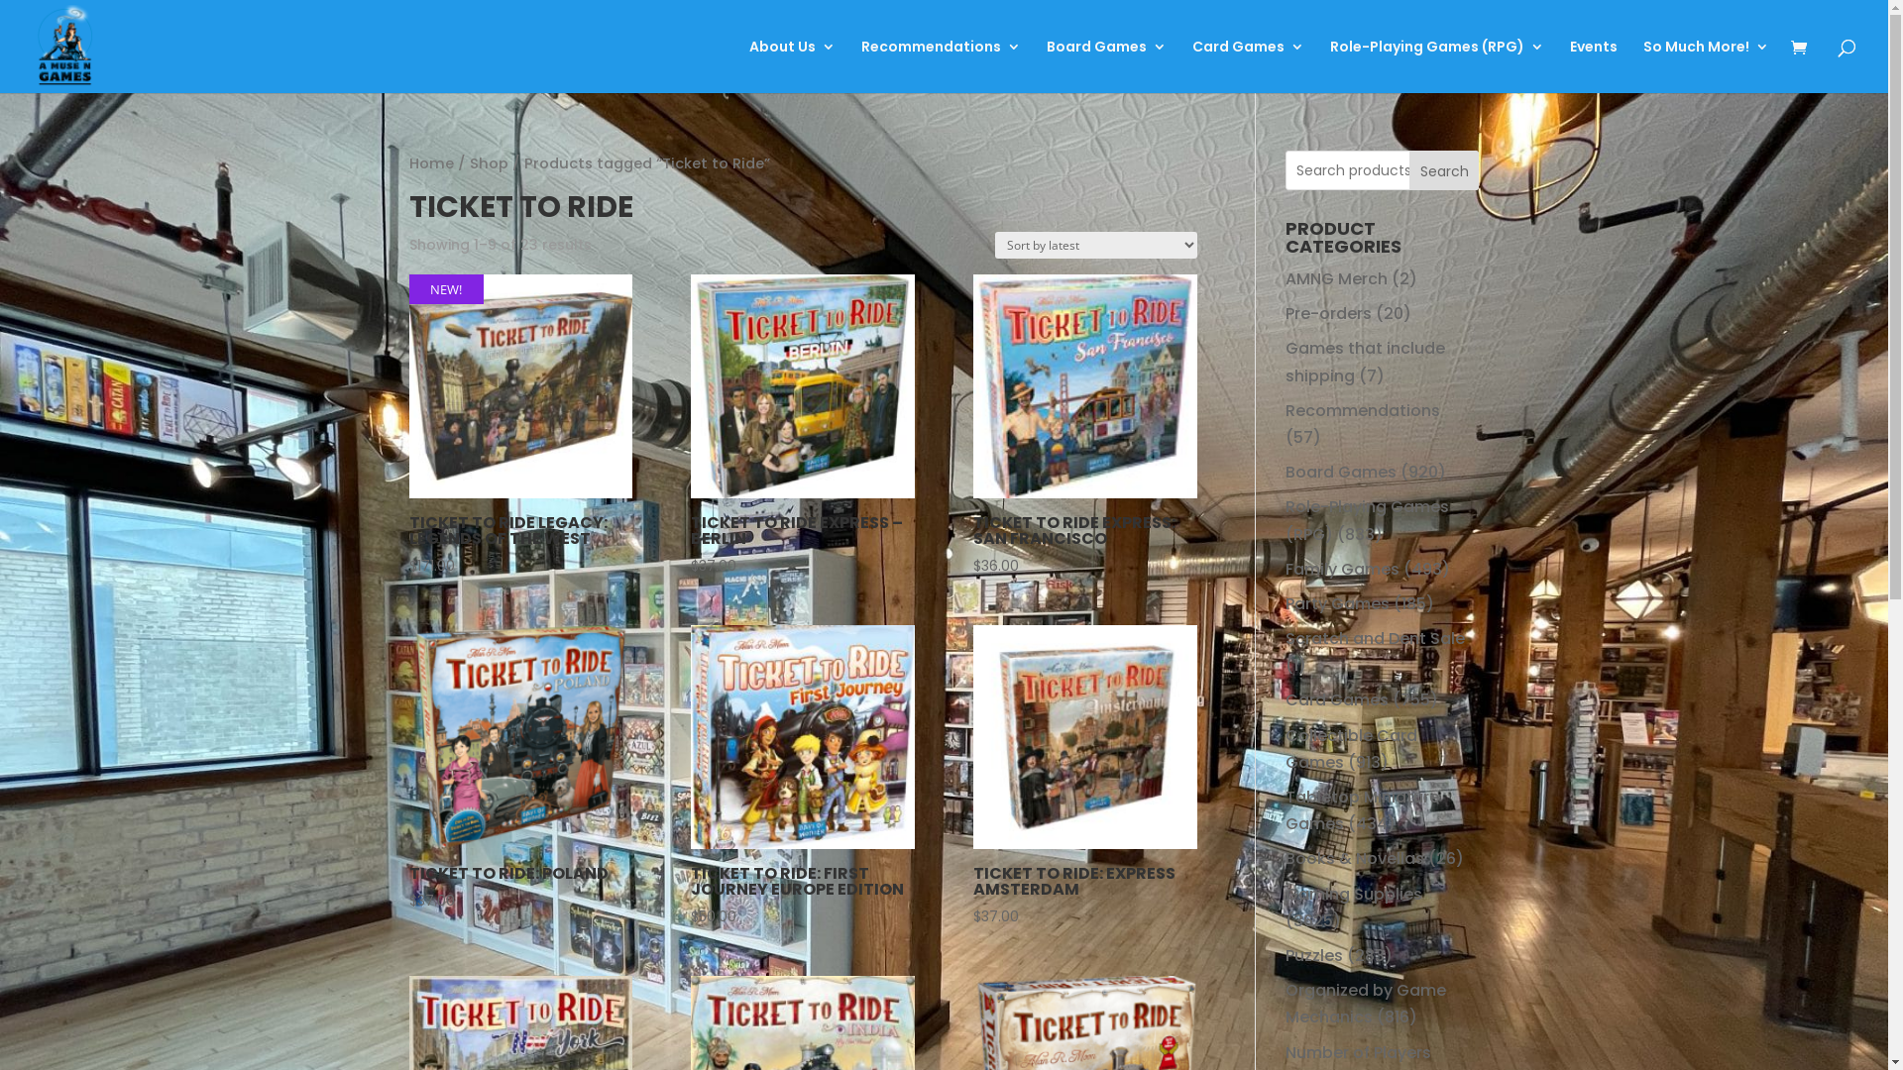  What do you see at coordinates (429, 162) in the screenshot?
I see `'Home'` at bounding box center [429, 162].